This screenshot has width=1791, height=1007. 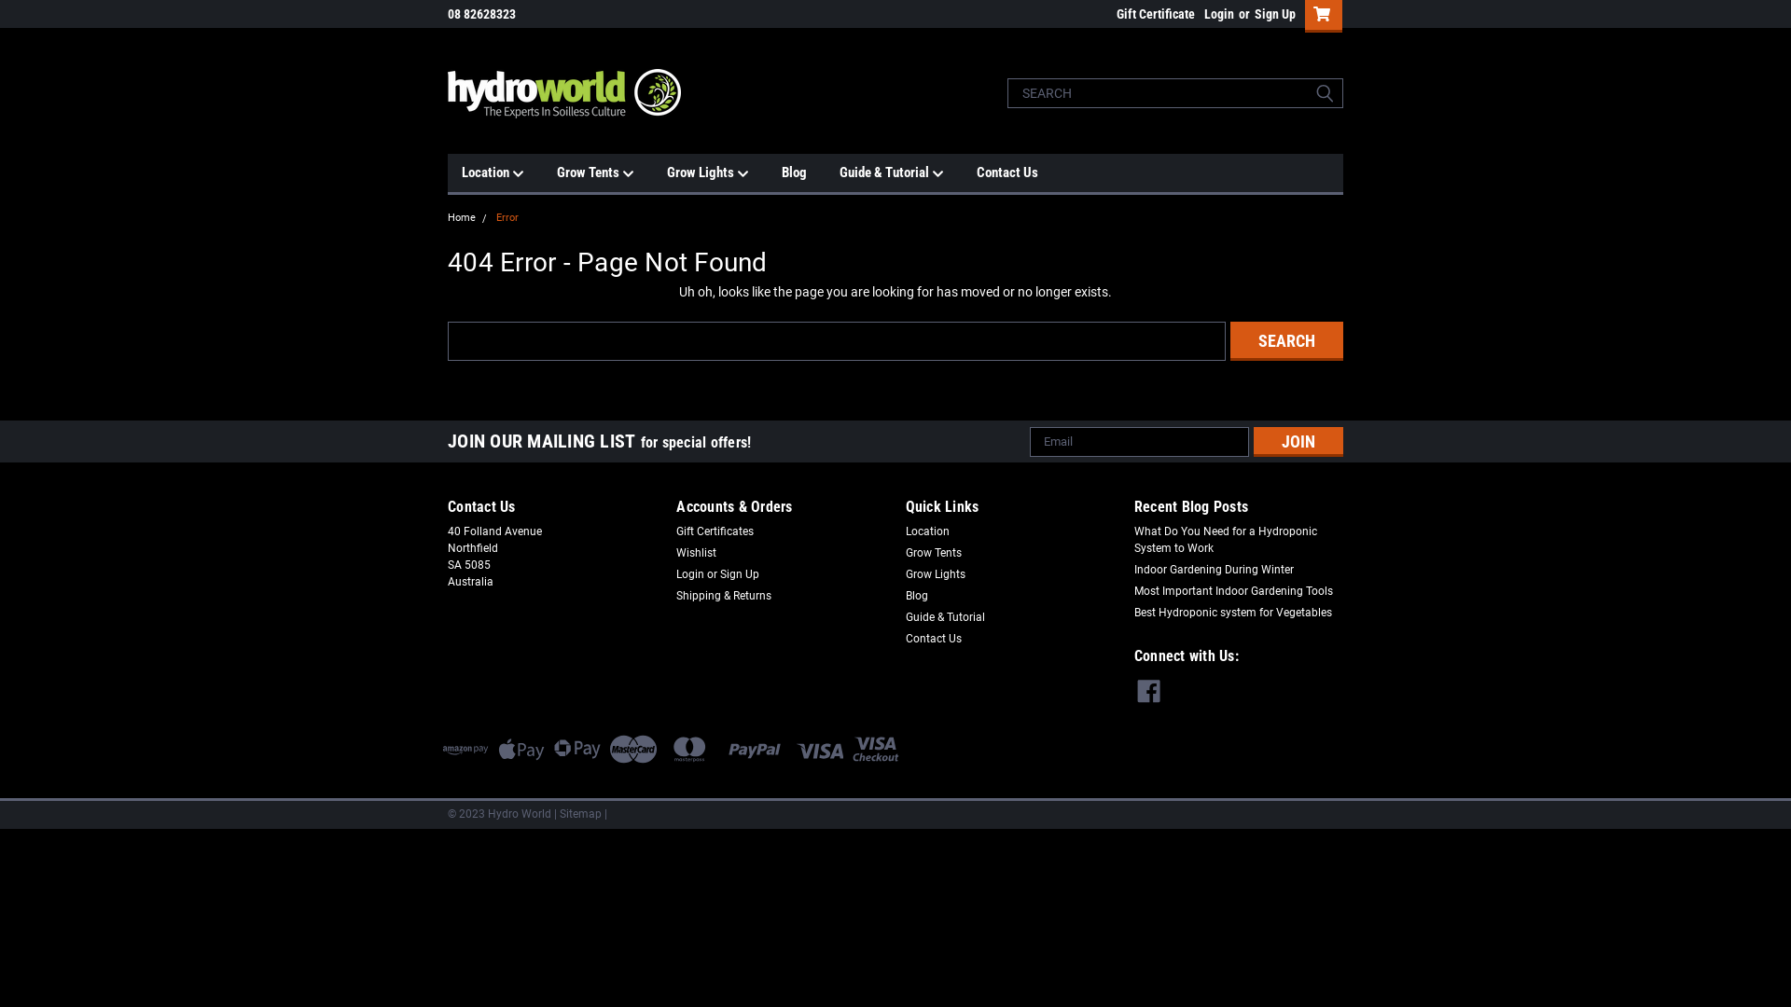 I want to click on 'Grow Lights', so click(x=935, y=572).